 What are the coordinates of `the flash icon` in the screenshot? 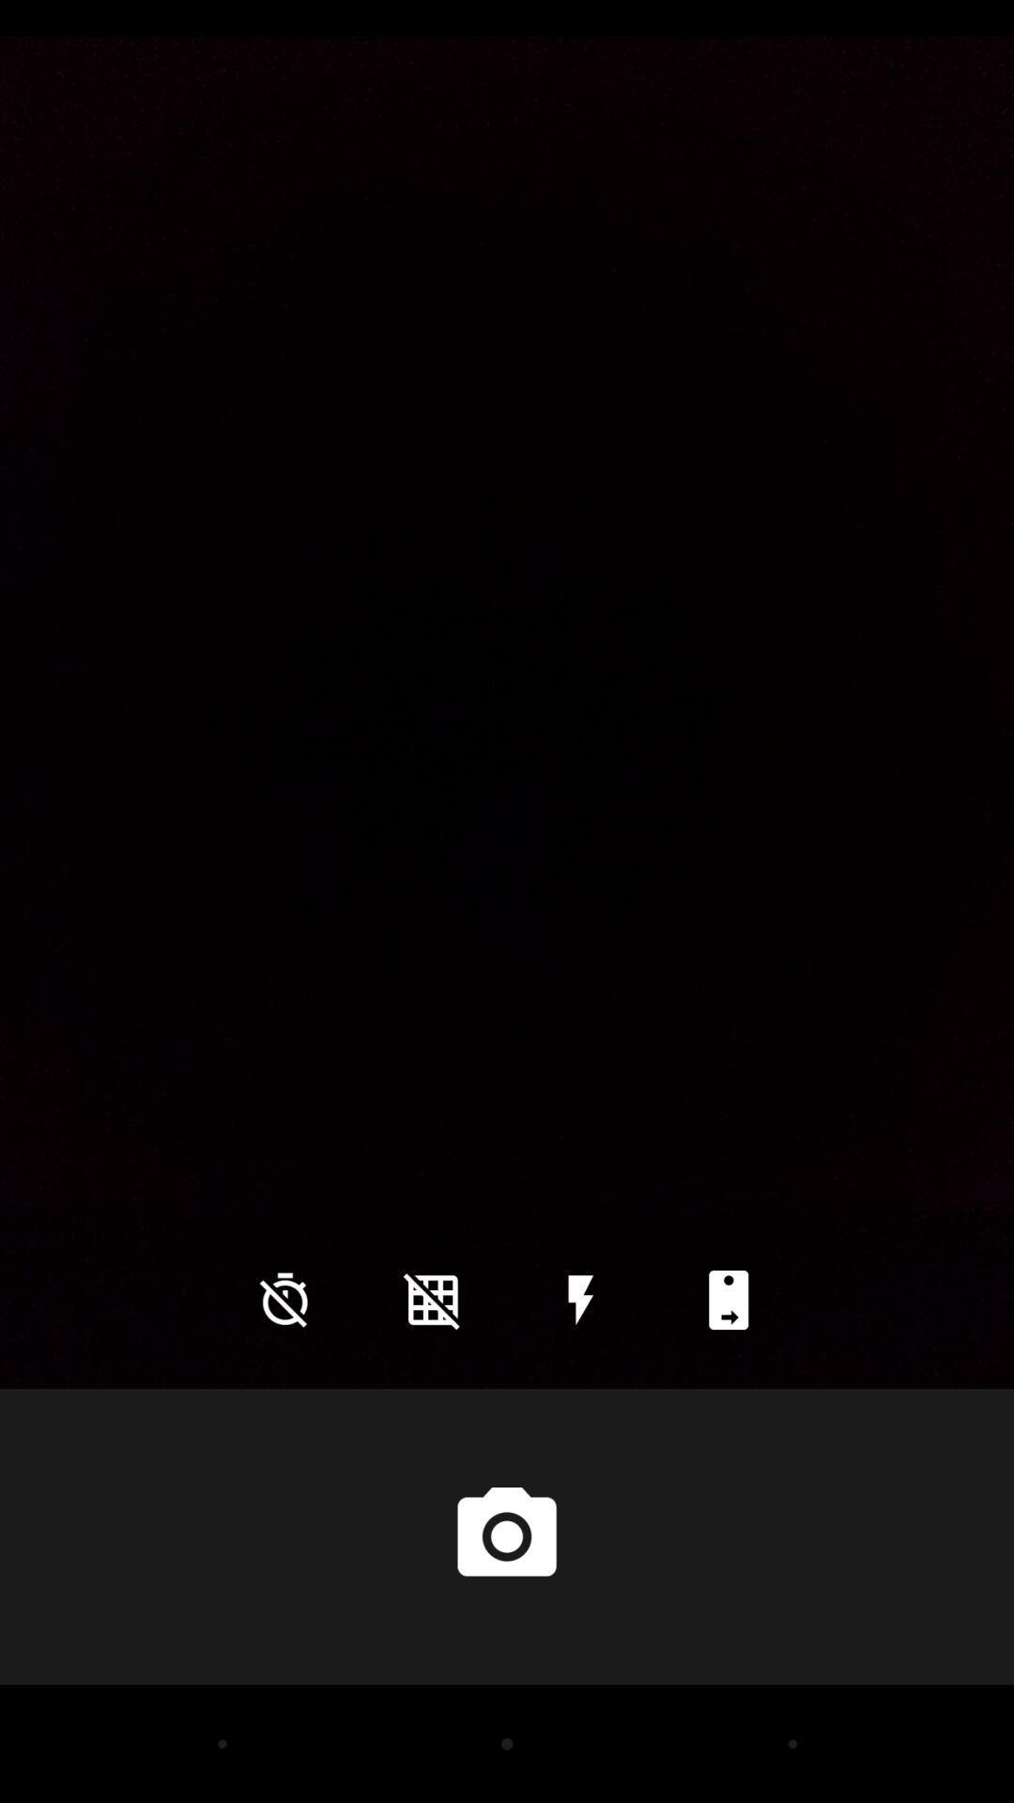 It's located at (579, 1299).